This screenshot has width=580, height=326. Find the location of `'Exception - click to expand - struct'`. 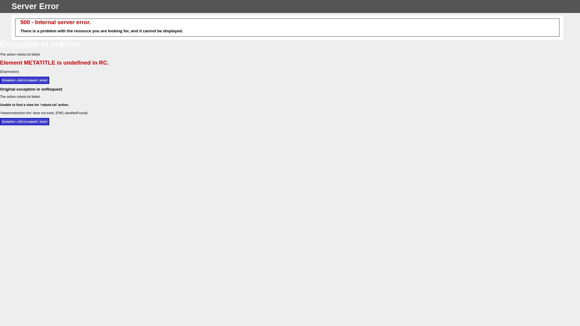

'Exception - click to expand - struct' is located at coordinates (24, 80).